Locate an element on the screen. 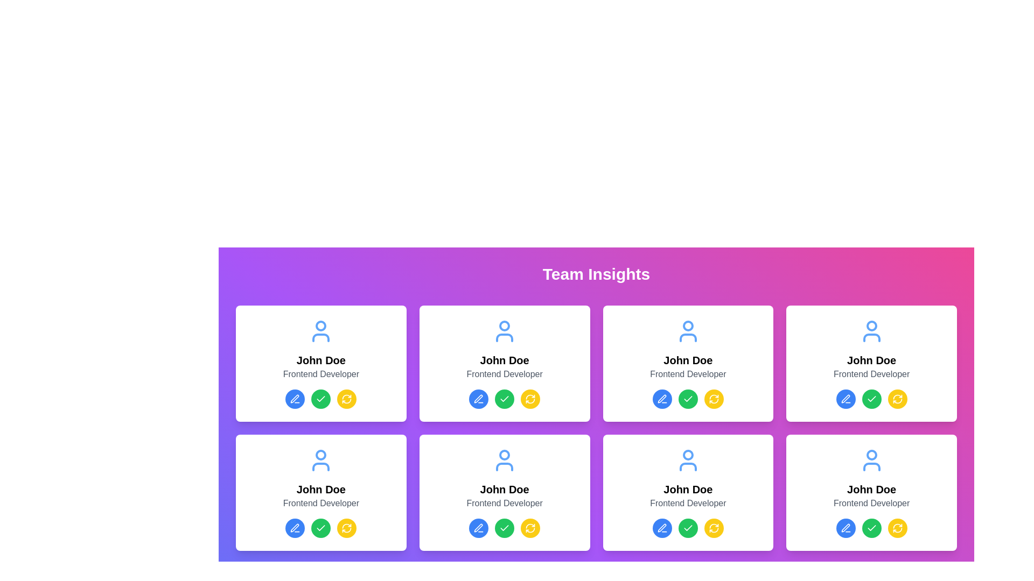 This screenshot has height=581, width=1034. the middle circular button with a green background and a checkmark icon is located at coordinates (320, 528).